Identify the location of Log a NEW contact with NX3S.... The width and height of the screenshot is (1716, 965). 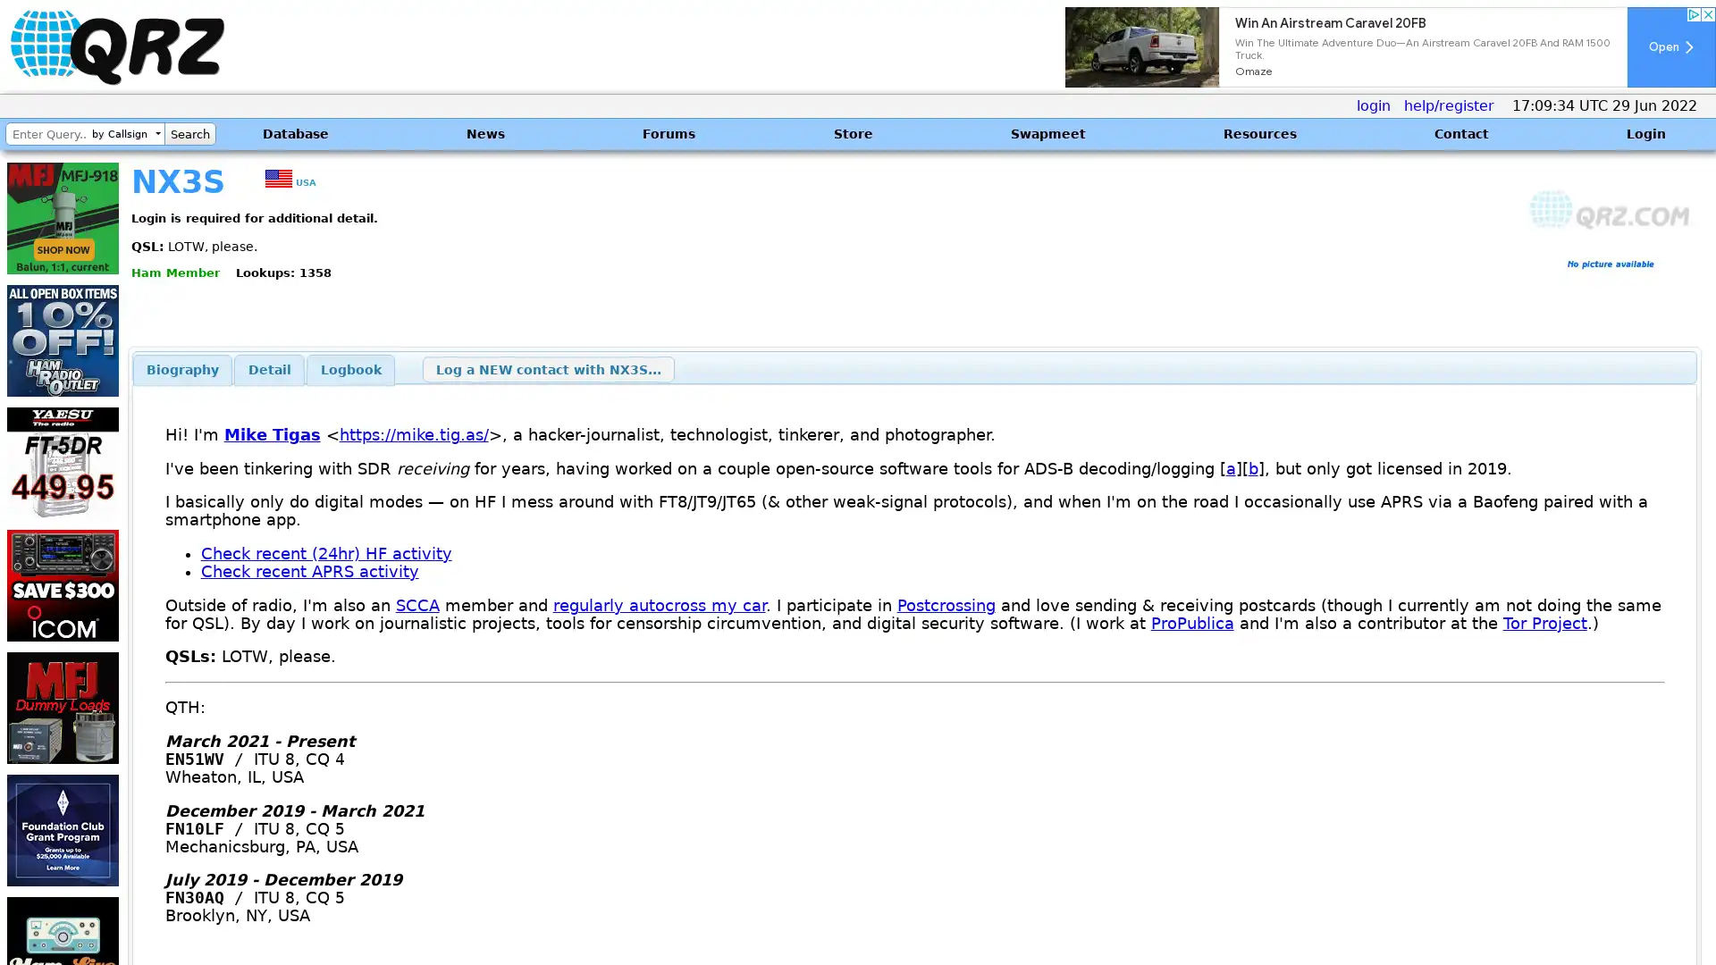
(547, 368).